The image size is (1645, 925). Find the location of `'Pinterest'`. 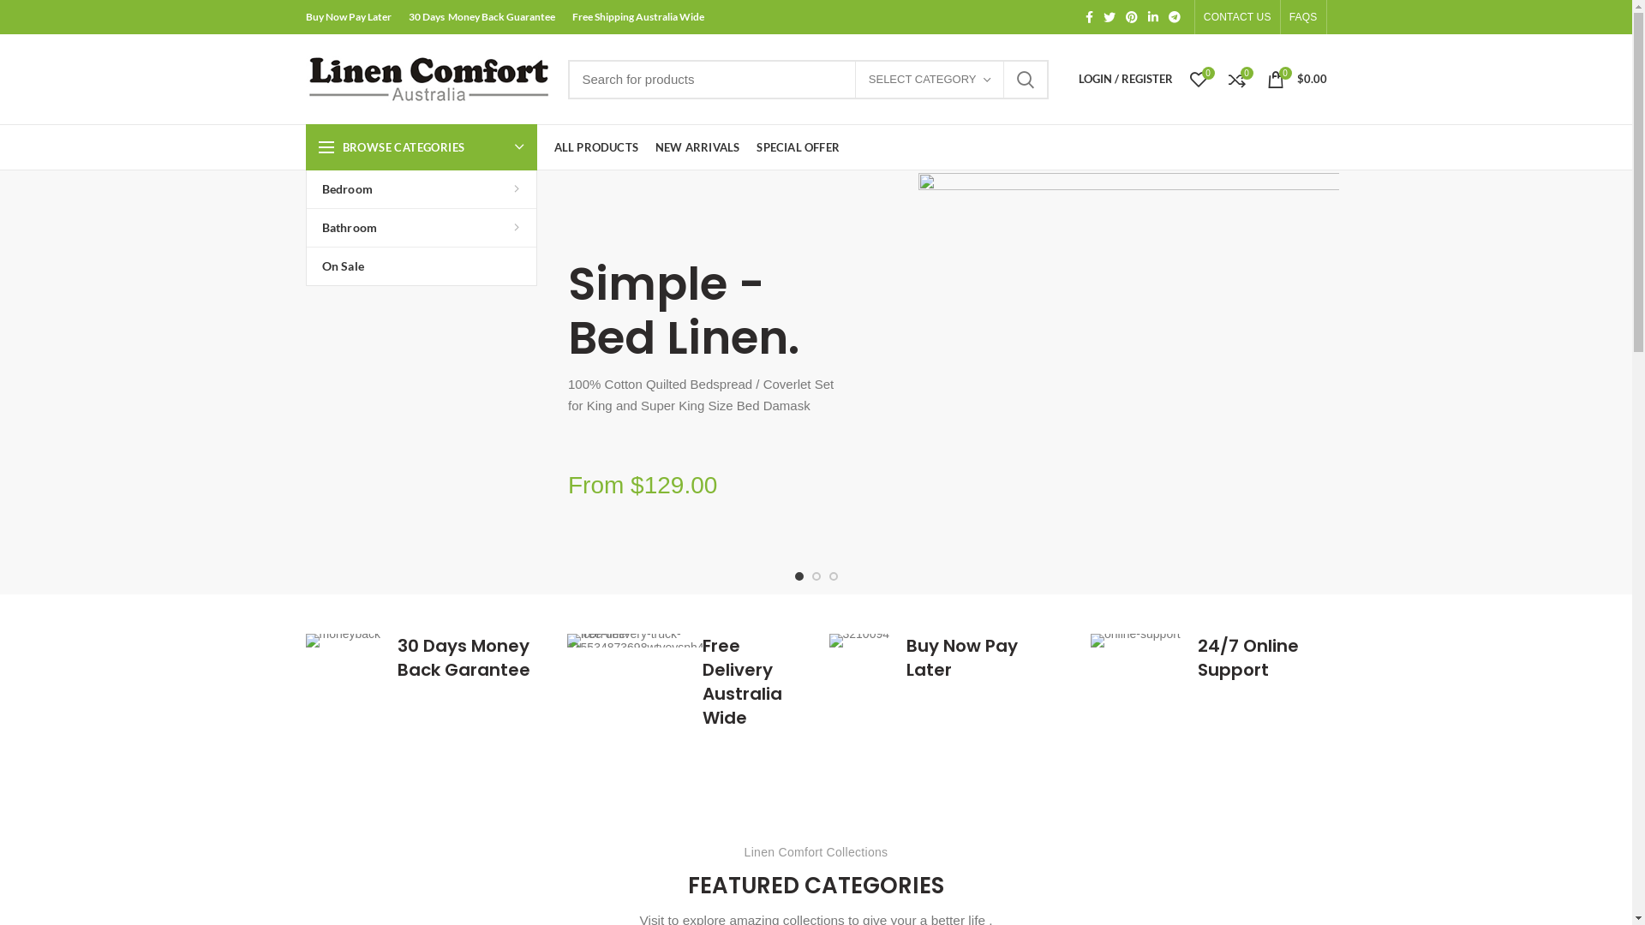

'Pinterest' is located at coordinates (1131, 16).